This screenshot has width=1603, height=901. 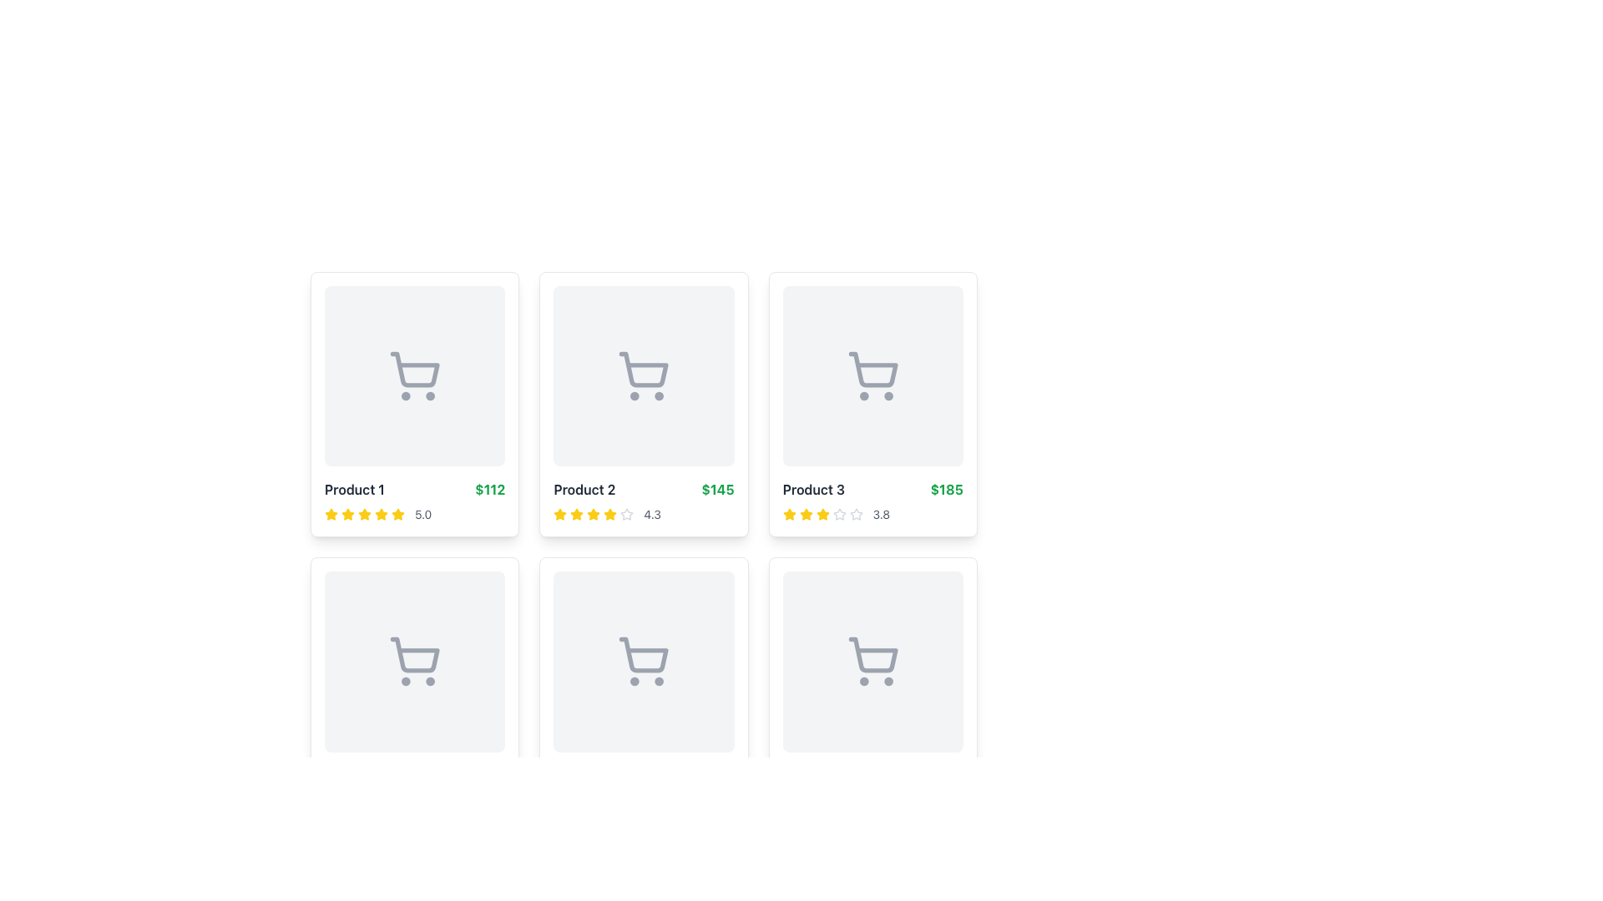 I want to click on the main body of the shopping cart icon in the bottom-right product card under 'Product 3', so click(x=872, y=654).